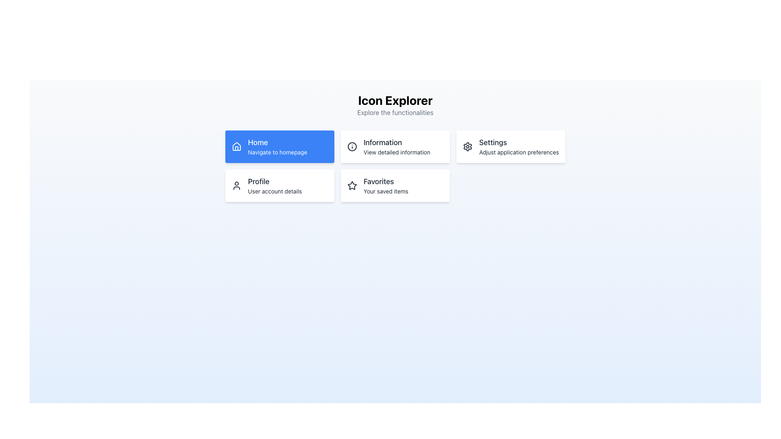 The width and height of the screenshot is (781, 439). I want to click on the second line Text label in the 'Information' section box, which provides supplementary information about the section's purpose, so click(397, 152).